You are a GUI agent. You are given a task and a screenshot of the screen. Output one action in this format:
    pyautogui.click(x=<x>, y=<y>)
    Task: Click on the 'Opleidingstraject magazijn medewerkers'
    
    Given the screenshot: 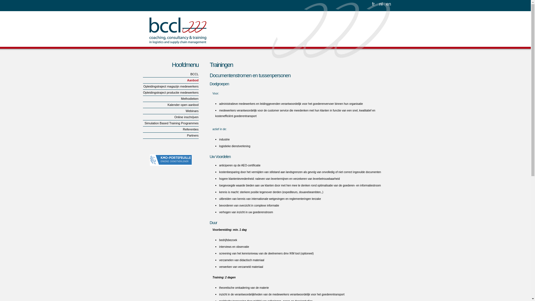 What is the action you would take?
    pyautogui.click(x=170, y=87)
    